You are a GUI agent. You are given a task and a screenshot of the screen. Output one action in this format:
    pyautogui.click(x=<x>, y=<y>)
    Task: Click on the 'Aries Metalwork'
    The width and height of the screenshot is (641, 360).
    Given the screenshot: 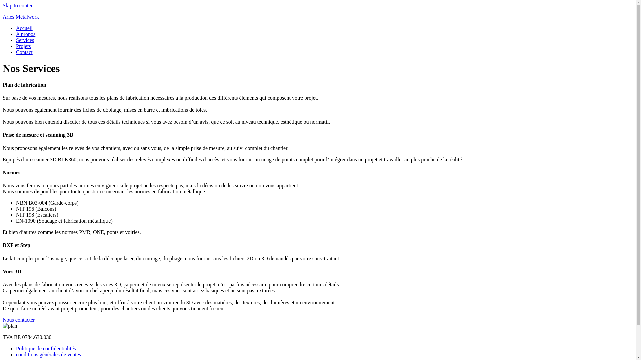 What is the action you would take?
    pyautogui.click(x=21, y=16)
    